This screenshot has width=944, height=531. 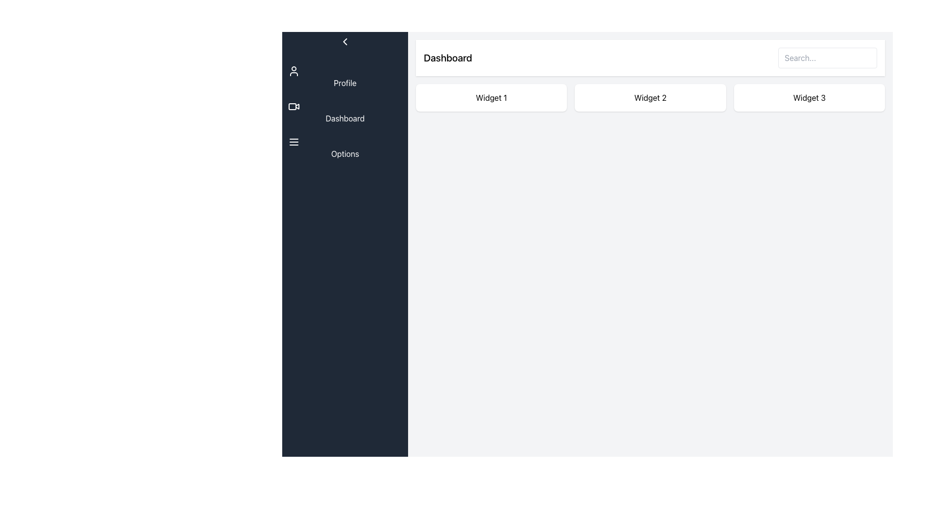 What do you see at coordinates (345, 112) in the screenshot?
I see `the 'Dashboard' menu item in the sidebar to trigger the background color change effect` at bounding box center [345, 112].